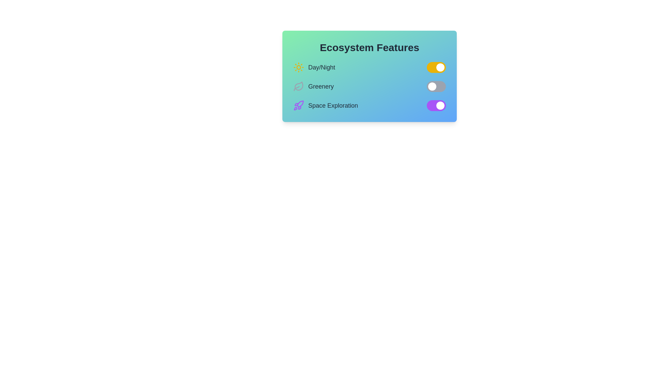 This screenshot has height=368, width=654. What do you see at coordinates (299, 105) in the screenshot?
I see `the decorative icon representing 'Space Exploration' located next to the text label and toggle button in the lower part of the interface` at bounding box center [299, 105].